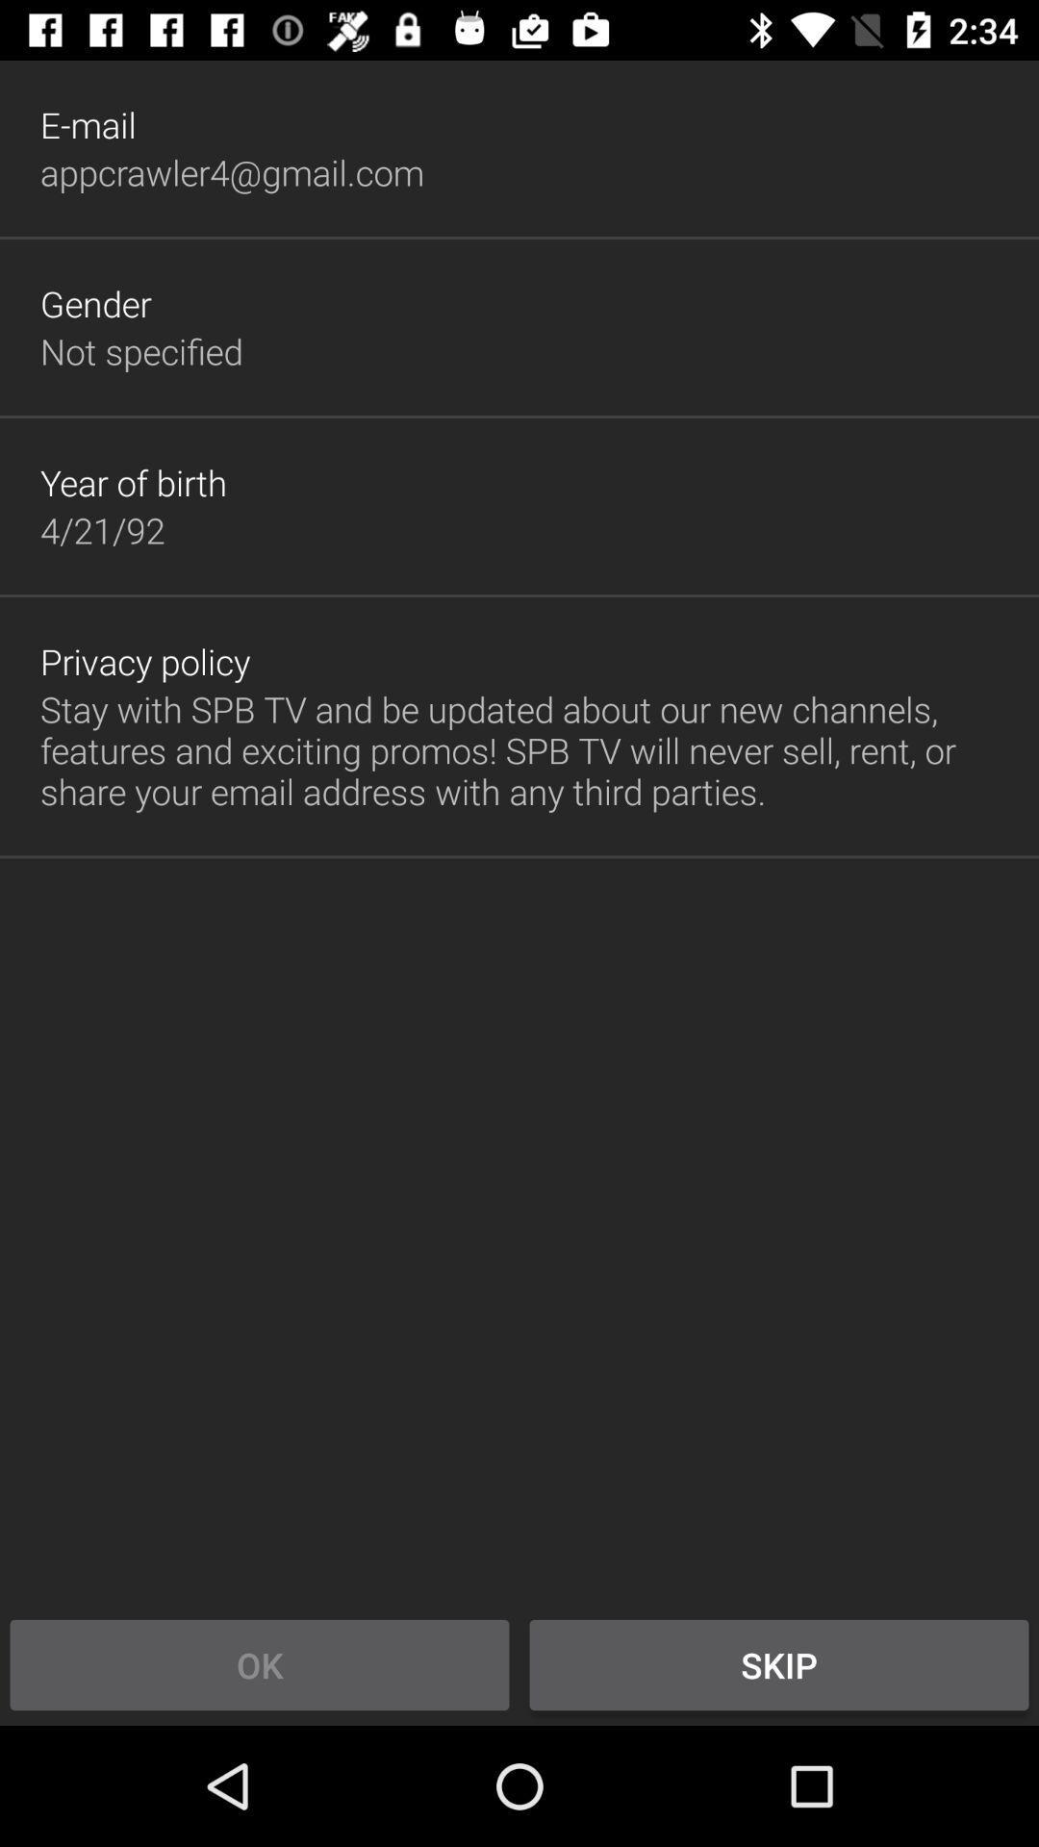 Image resolution: width=1039 pixels, height=1847 pixels. Describe the element at coordinates (779, 1664) in the screenshot. I see `app below stay with spb item` at that location.